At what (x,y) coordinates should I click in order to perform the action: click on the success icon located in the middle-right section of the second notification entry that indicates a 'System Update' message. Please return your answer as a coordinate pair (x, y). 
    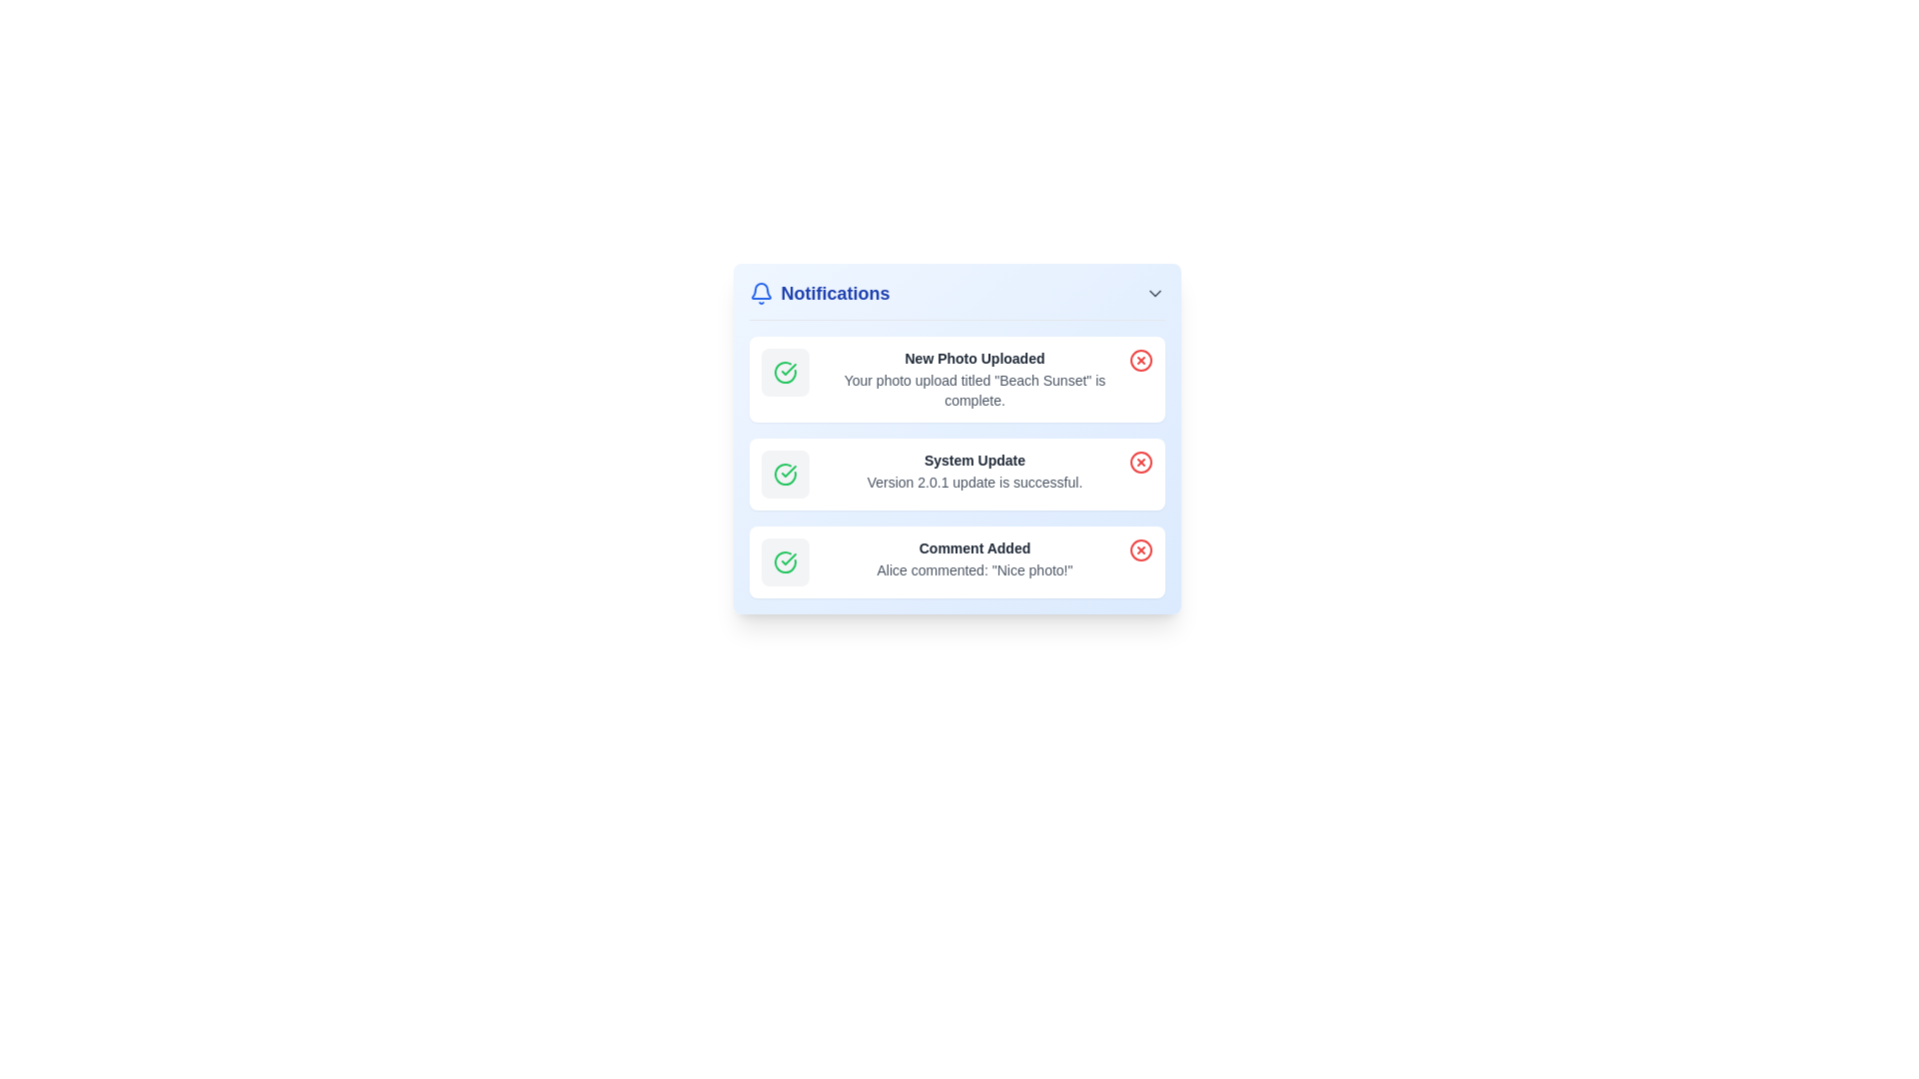
    Looking at the image, I should click on (784, 373).